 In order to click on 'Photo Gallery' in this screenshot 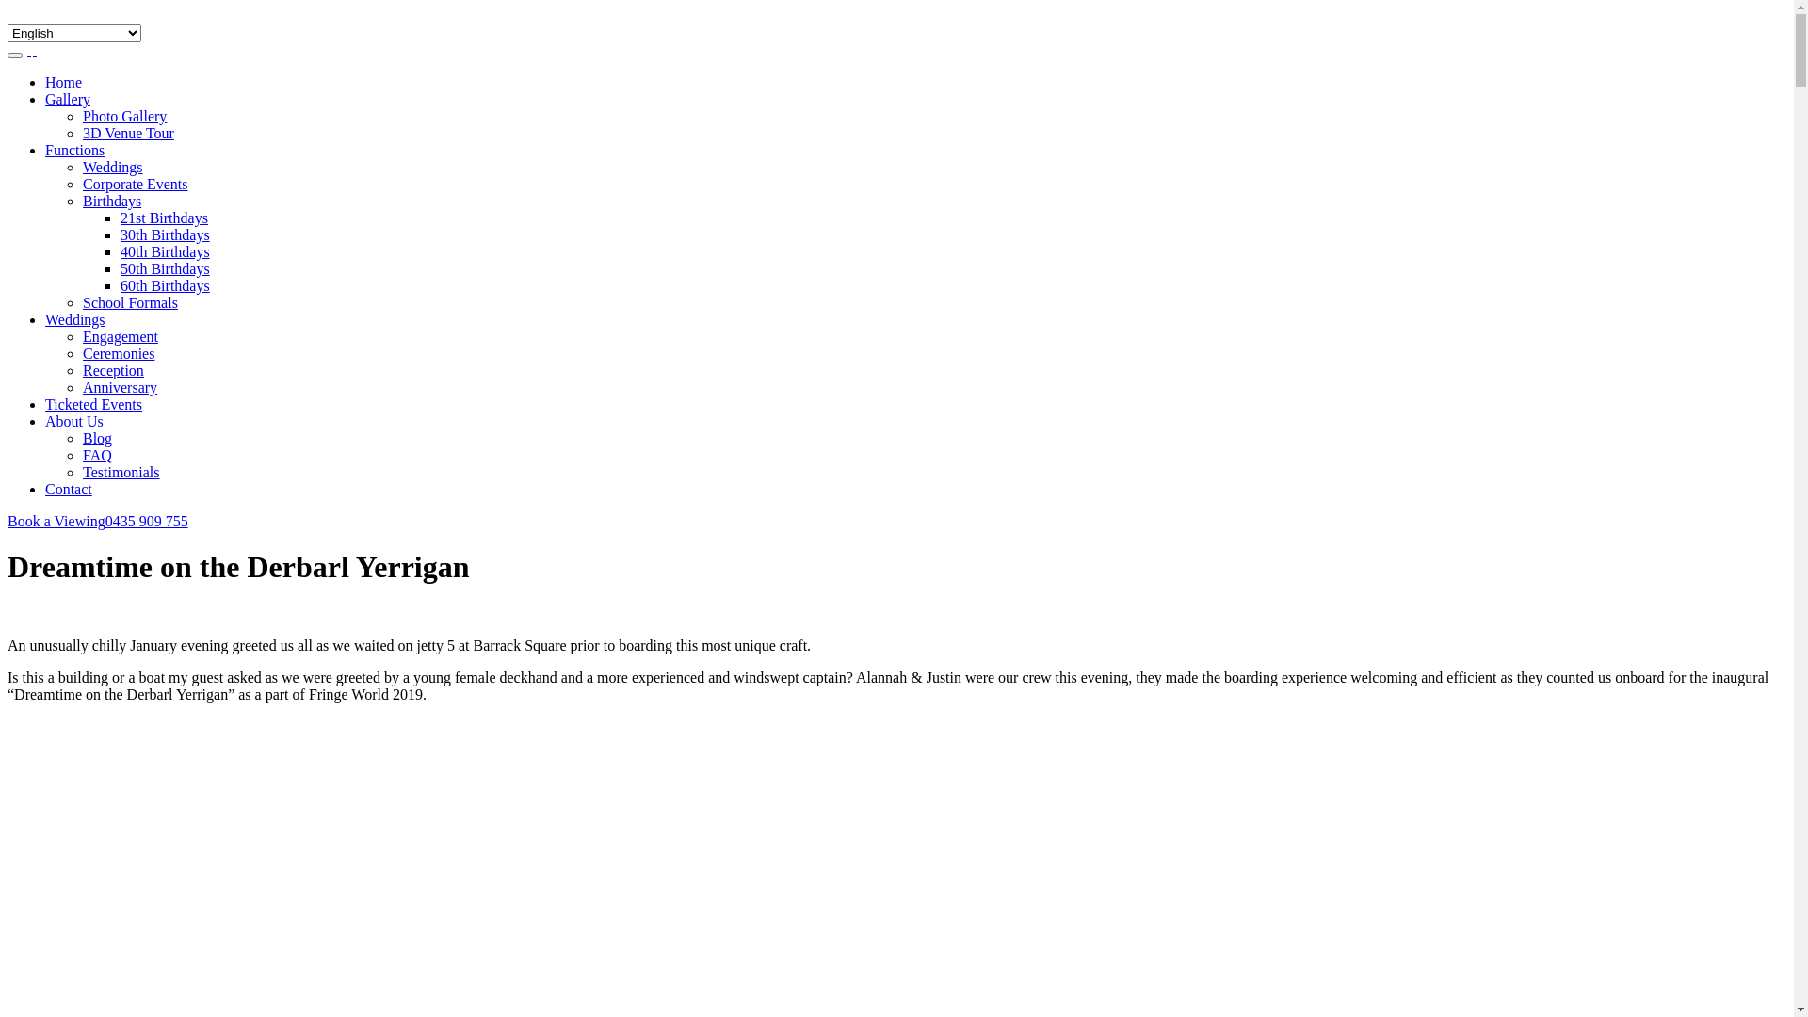, I will do `click(123, 116)`.